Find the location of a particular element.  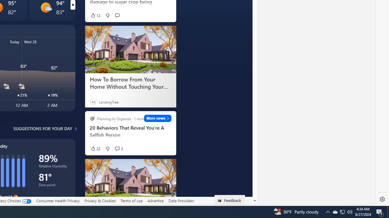

'Mostly sunny' is located at coordinates (46, 7).